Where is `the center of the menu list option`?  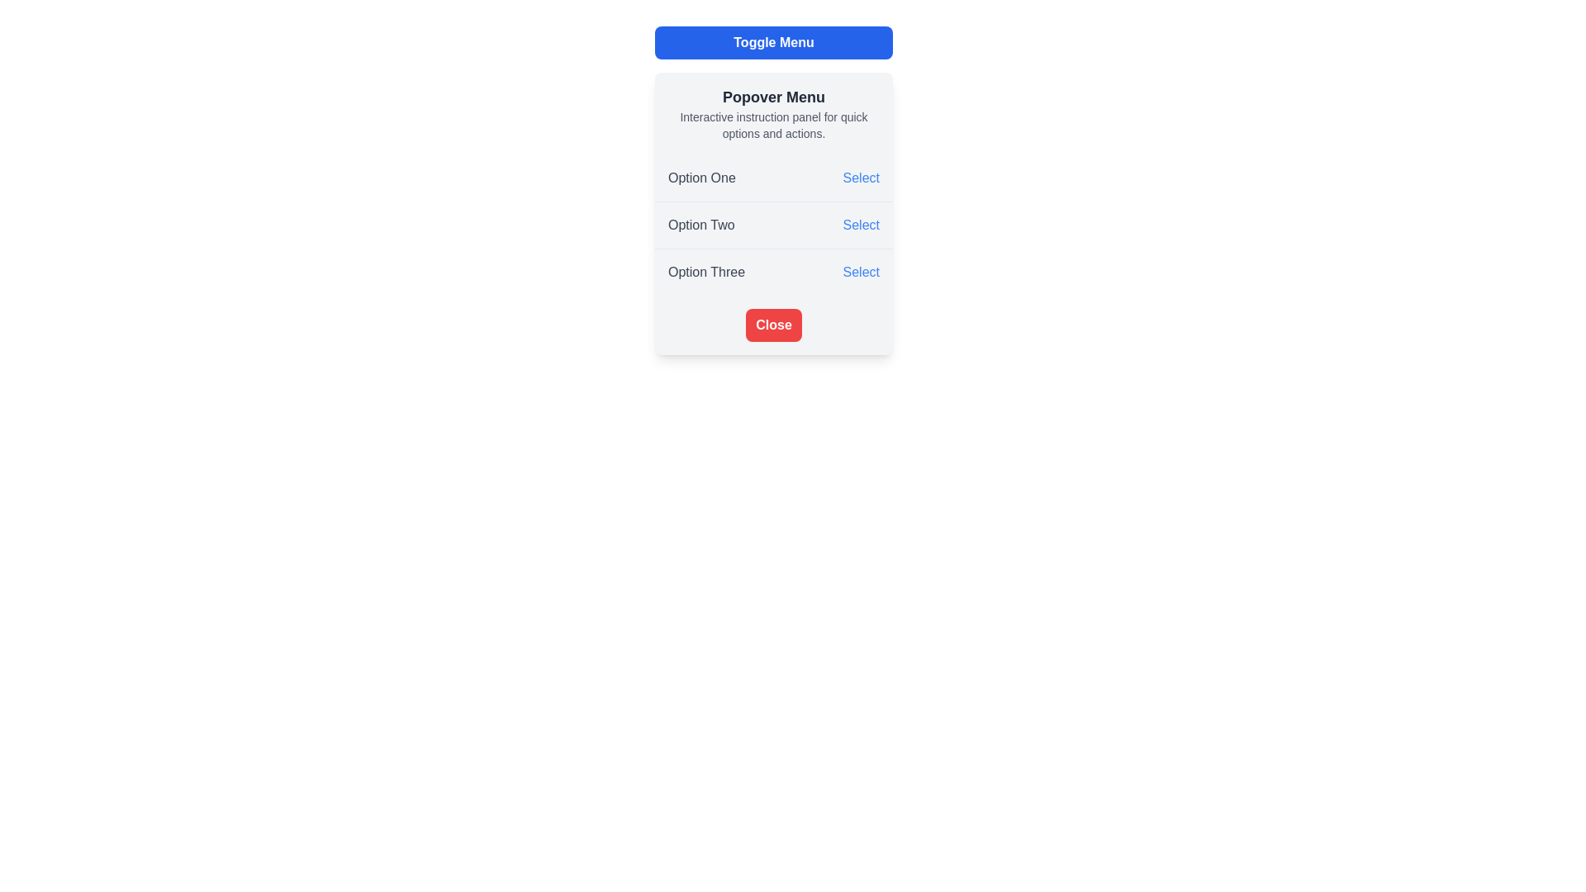 the center of the menu list option is located at coordinates (772, 225).